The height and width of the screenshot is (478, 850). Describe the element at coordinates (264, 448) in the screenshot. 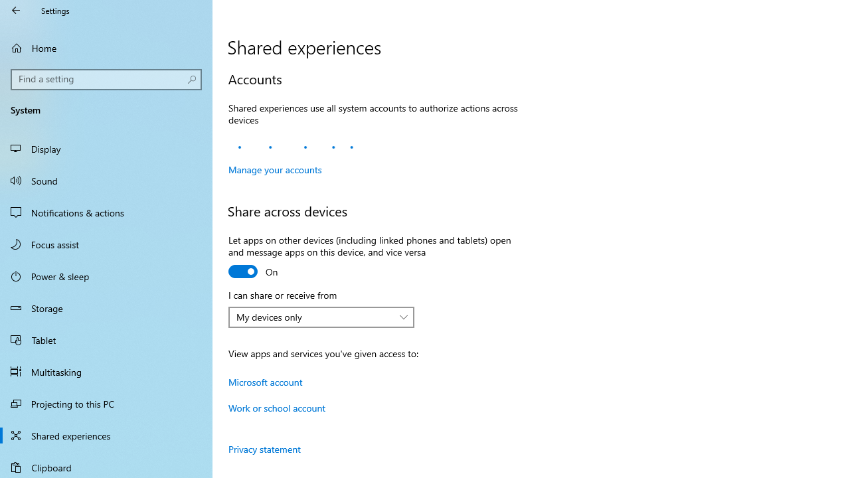

I see `'Privacy statement'` at that location.